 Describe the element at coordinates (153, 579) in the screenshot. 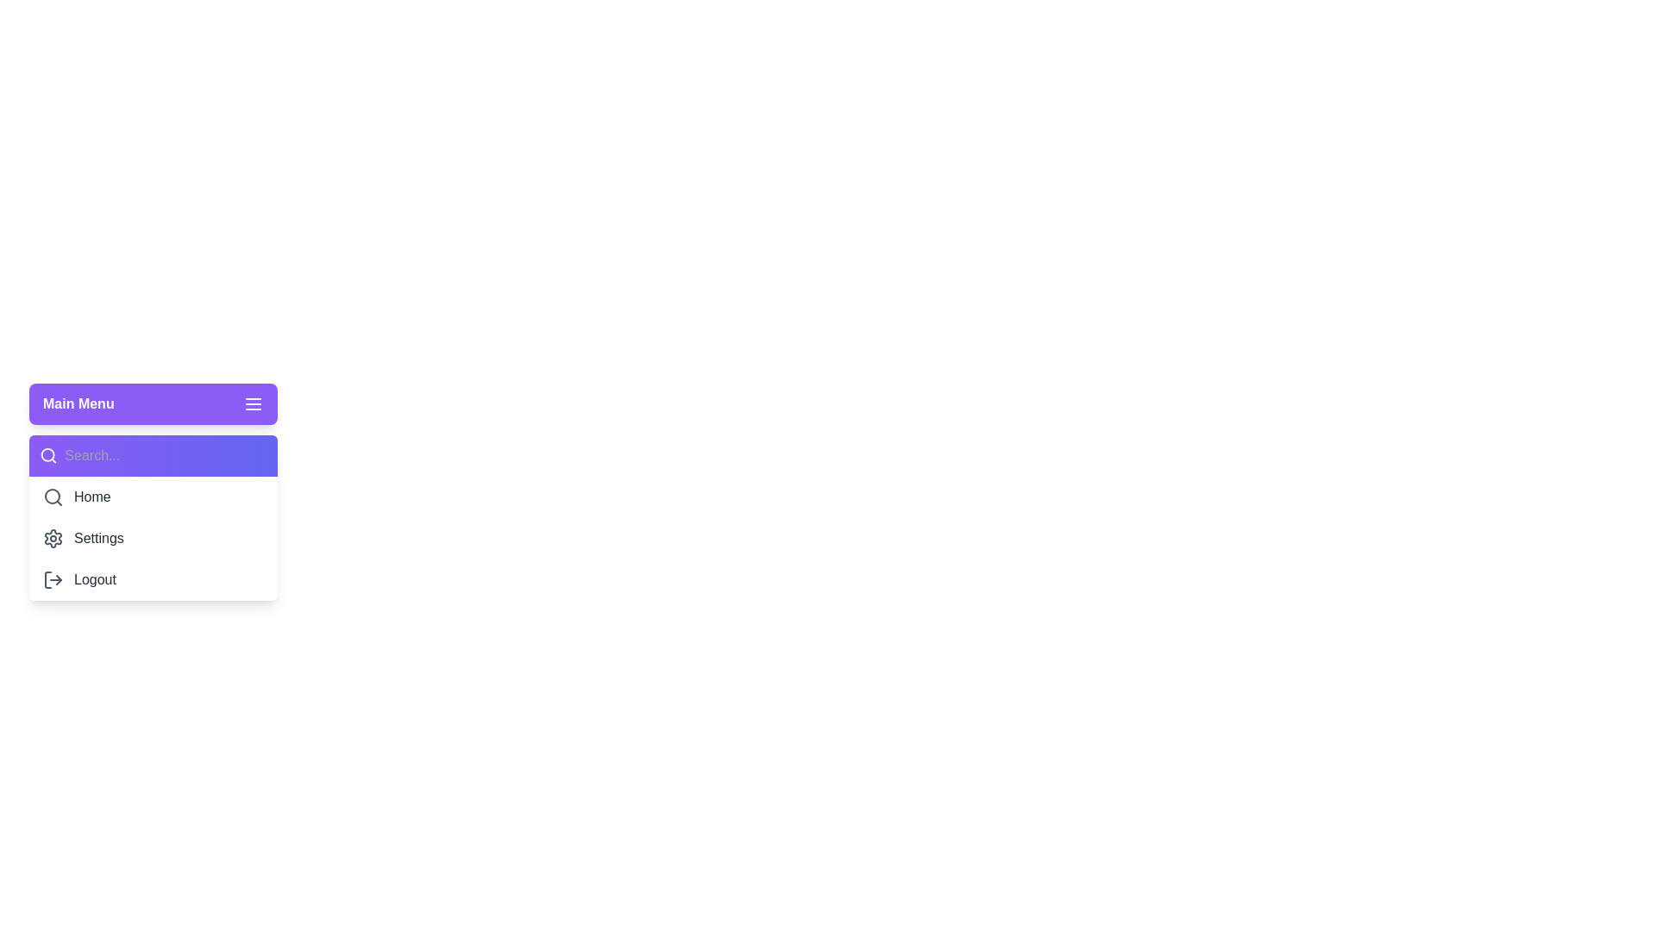

I see `the 'Logout' menu item to log out` at that location.